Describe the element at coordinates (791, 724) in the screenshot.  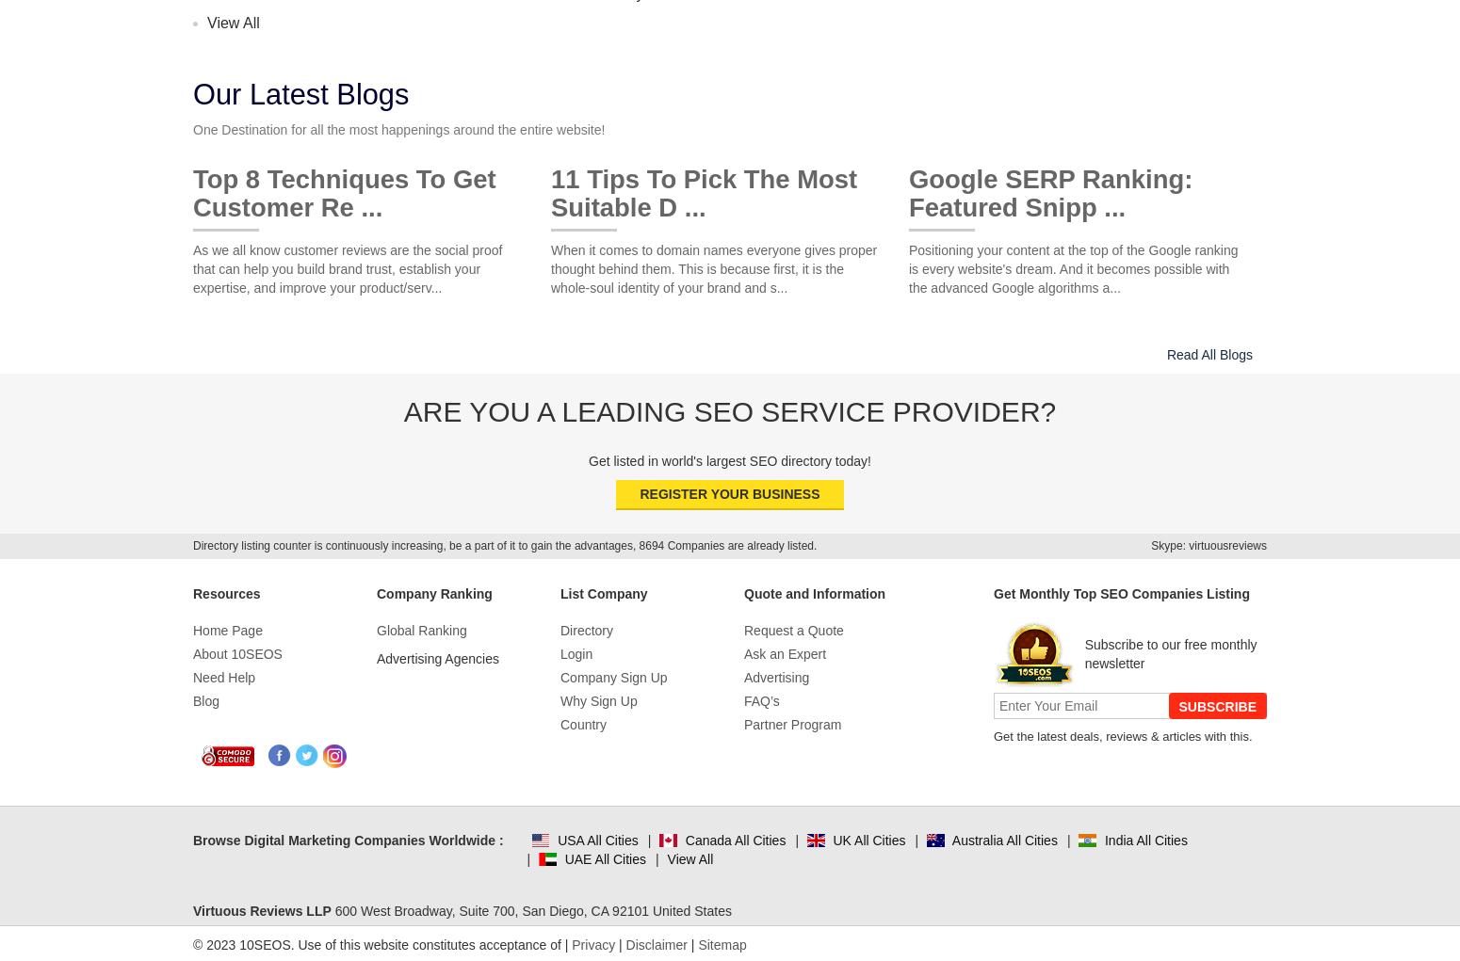
I see `'Partner Program'` at that location.